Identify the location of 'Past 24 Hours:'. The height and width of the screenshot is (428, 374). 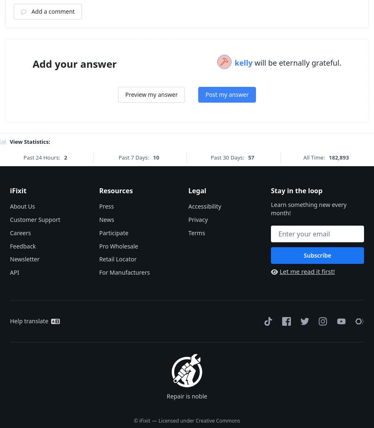
(22, 260).